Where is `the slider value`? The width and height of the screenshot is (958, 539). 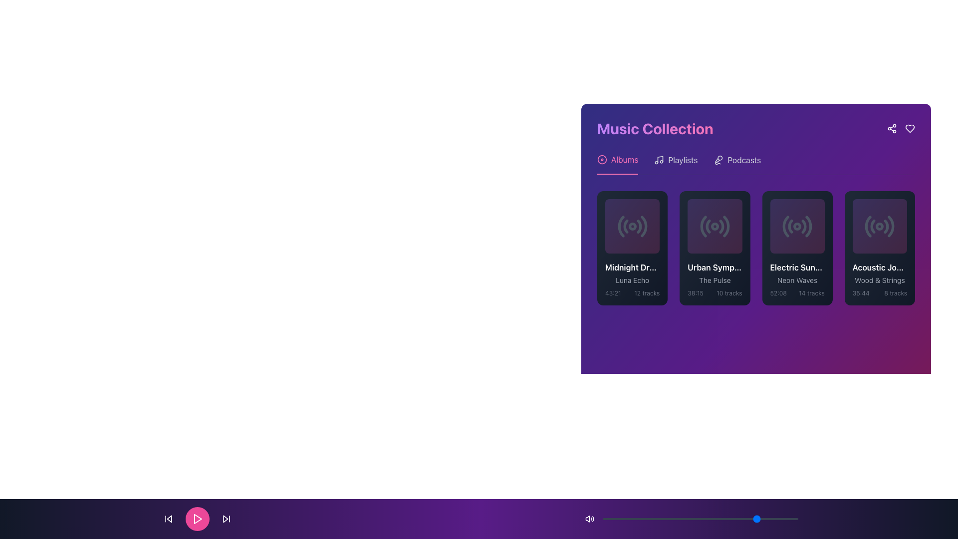 the slider value is located at coordinates (627, 519).